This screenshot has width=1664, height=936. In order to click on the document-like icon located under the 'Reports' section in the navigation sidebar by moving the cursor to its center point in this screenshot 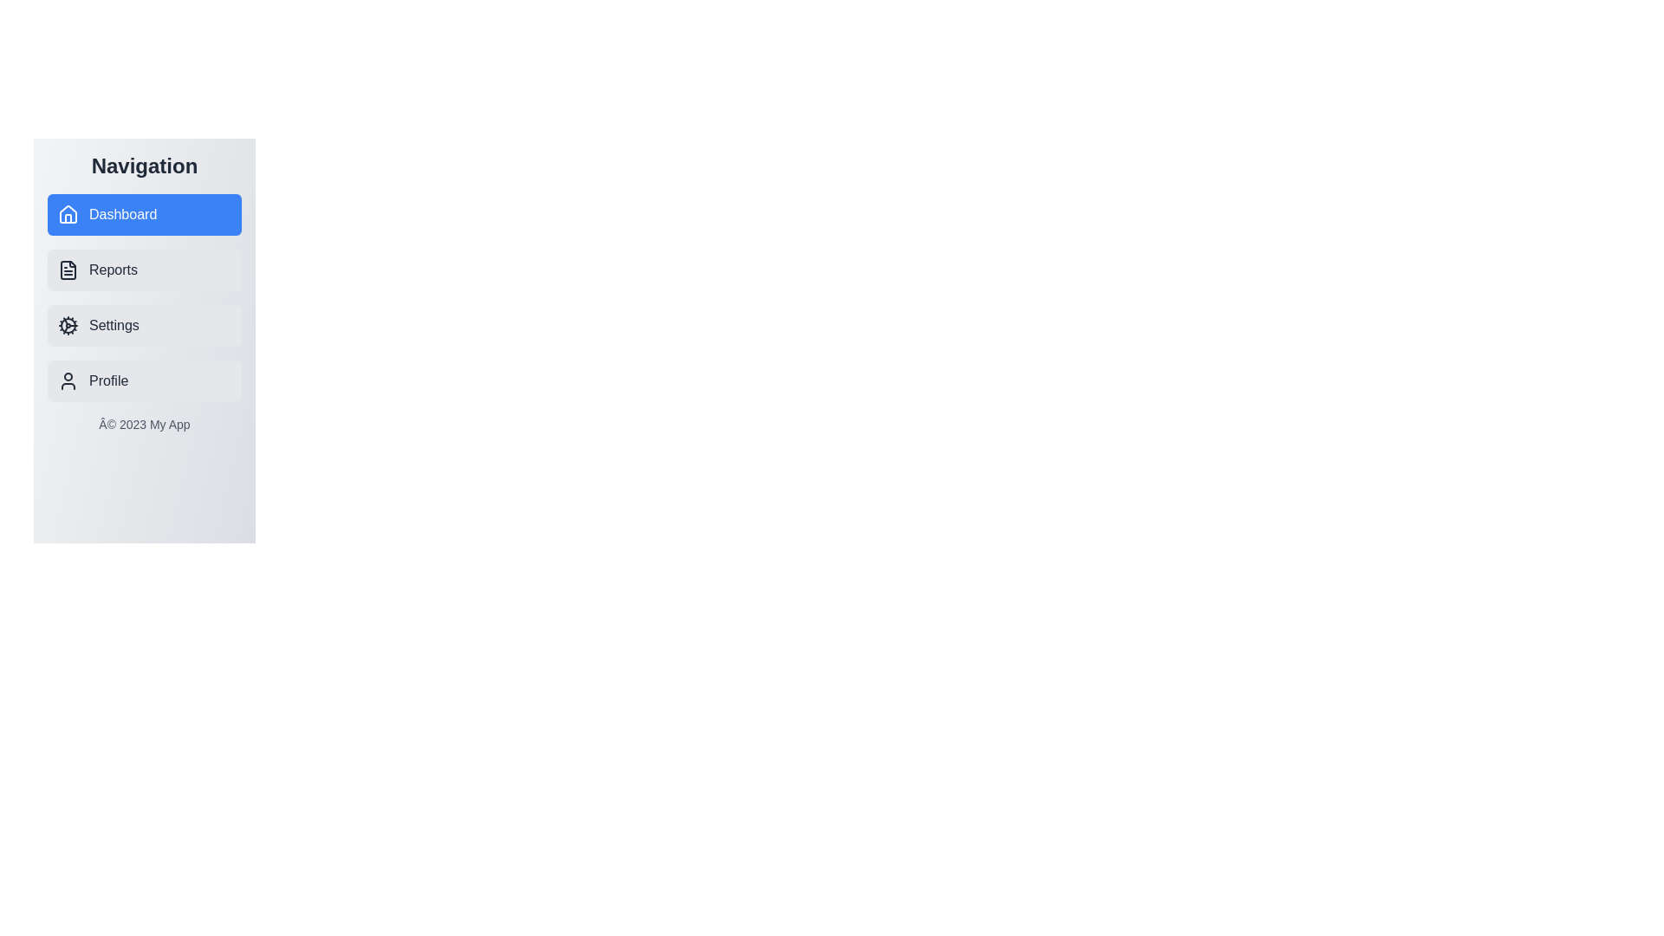, I will do `click(68, 270)`.